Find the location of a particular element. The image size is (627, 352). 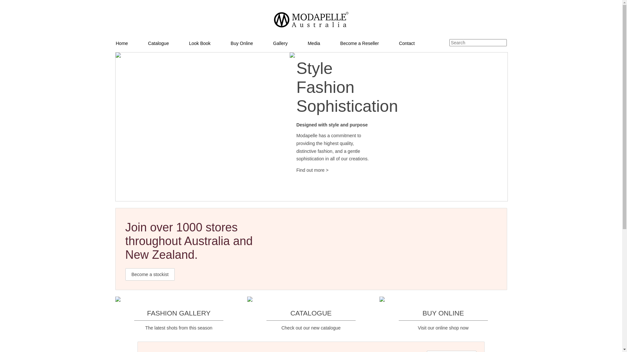

'Become a stockist' is located at coordinates (150, 274).